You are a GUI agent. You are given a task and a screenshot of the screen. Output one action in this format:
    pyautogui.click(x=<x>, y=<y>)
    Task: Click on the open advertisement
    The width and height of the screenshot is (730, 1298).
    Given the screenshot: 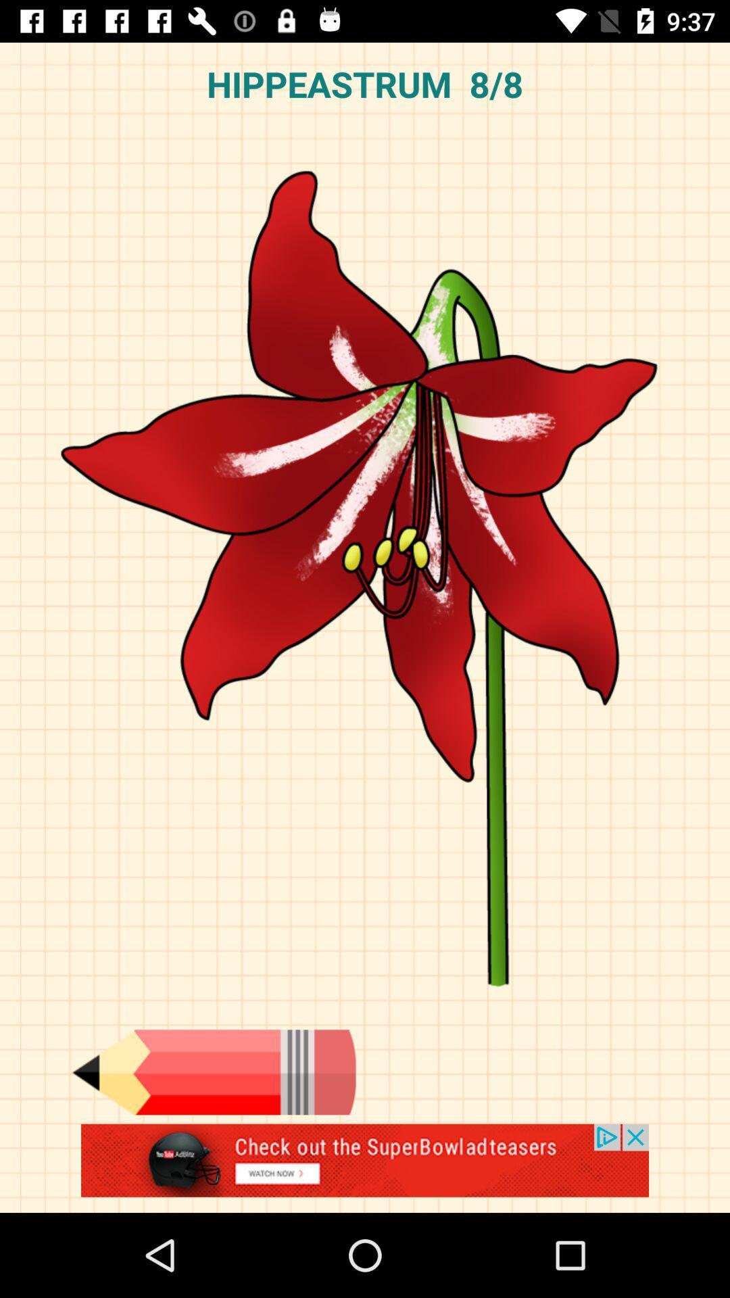 What is the action you would take?
    pyautogui.click(x=365, y=1168)
    